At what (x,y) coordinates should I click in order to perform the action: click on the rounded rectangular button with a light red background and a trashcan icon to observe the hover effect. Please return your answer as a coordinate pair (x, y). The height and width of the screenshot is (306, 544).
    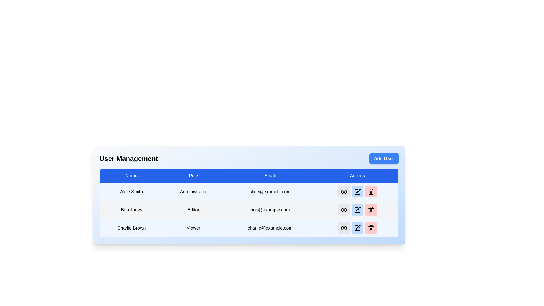
    Looking at the image, I should click on (371, 192).